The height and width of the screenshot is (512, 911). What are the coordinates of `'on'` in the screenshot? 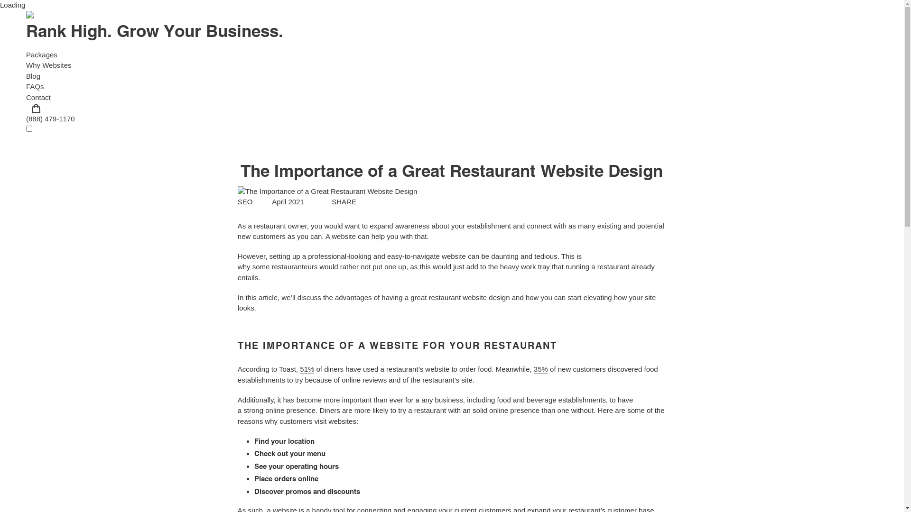 It's located at (26, 128).